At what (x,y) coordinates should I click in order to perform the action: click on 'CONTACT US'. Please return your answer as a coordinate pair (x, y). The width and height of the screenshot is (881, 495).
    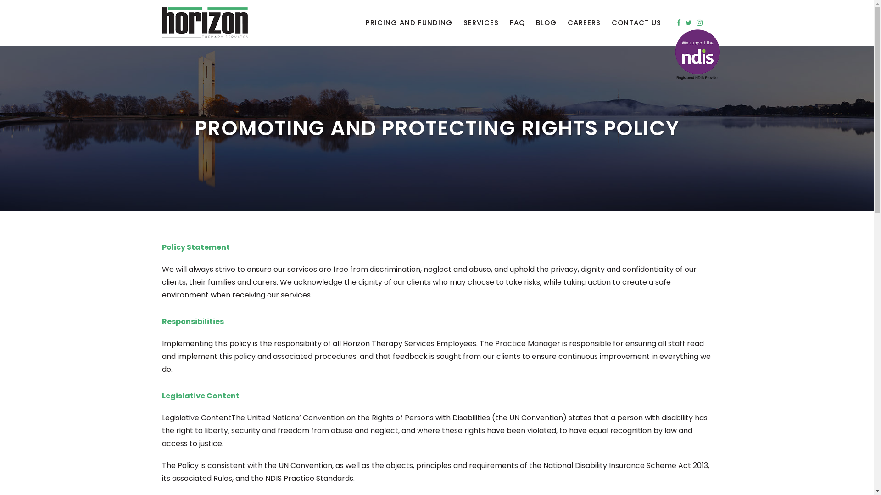
    Looking at the image, I should click on (636, 22).